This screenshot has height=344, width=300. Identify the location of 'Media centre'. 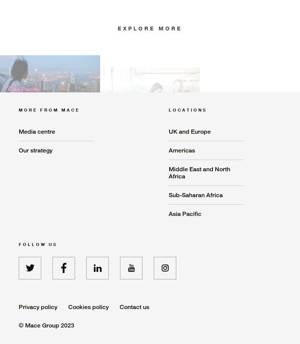
(18, 131).